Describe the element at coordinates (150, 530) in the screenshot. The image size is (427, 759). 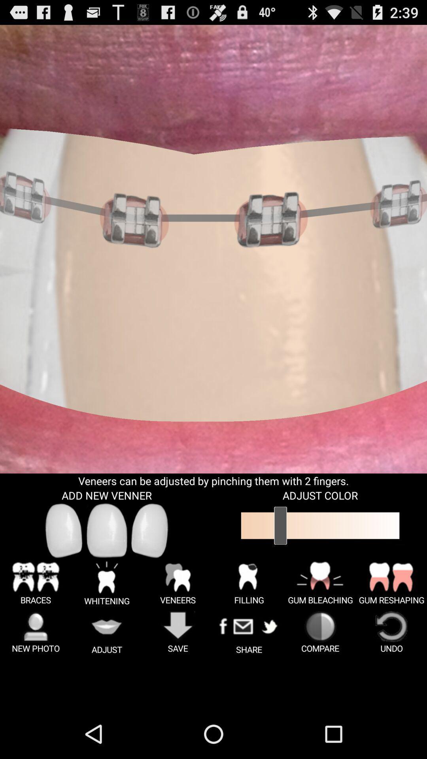
I see `veneer` at that location.